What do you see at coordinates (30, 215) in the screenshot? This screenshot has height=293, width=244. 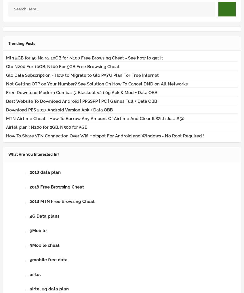 I see `'4G Data plans'` at bounding box center [30, 215].